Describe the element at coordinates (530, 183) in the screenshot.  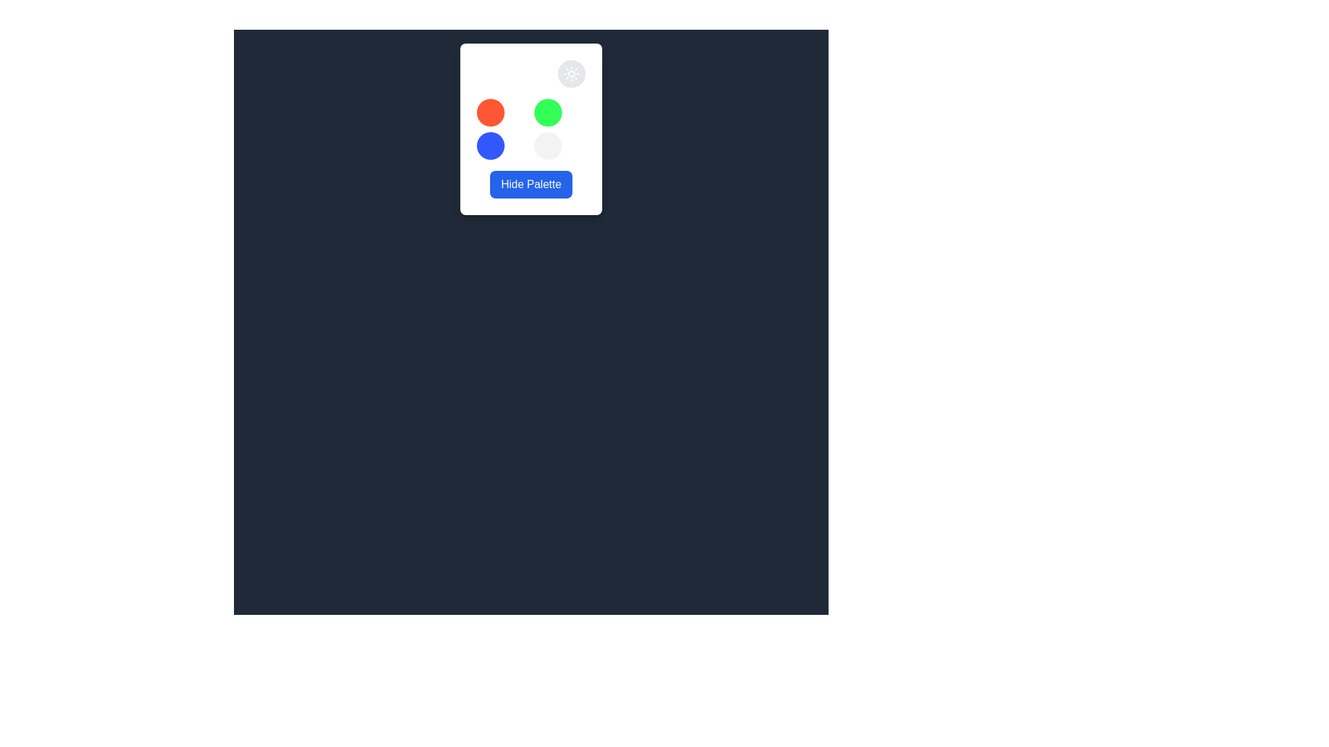
I see `the button located at the bottom of the white card with rounded corners` at that location.